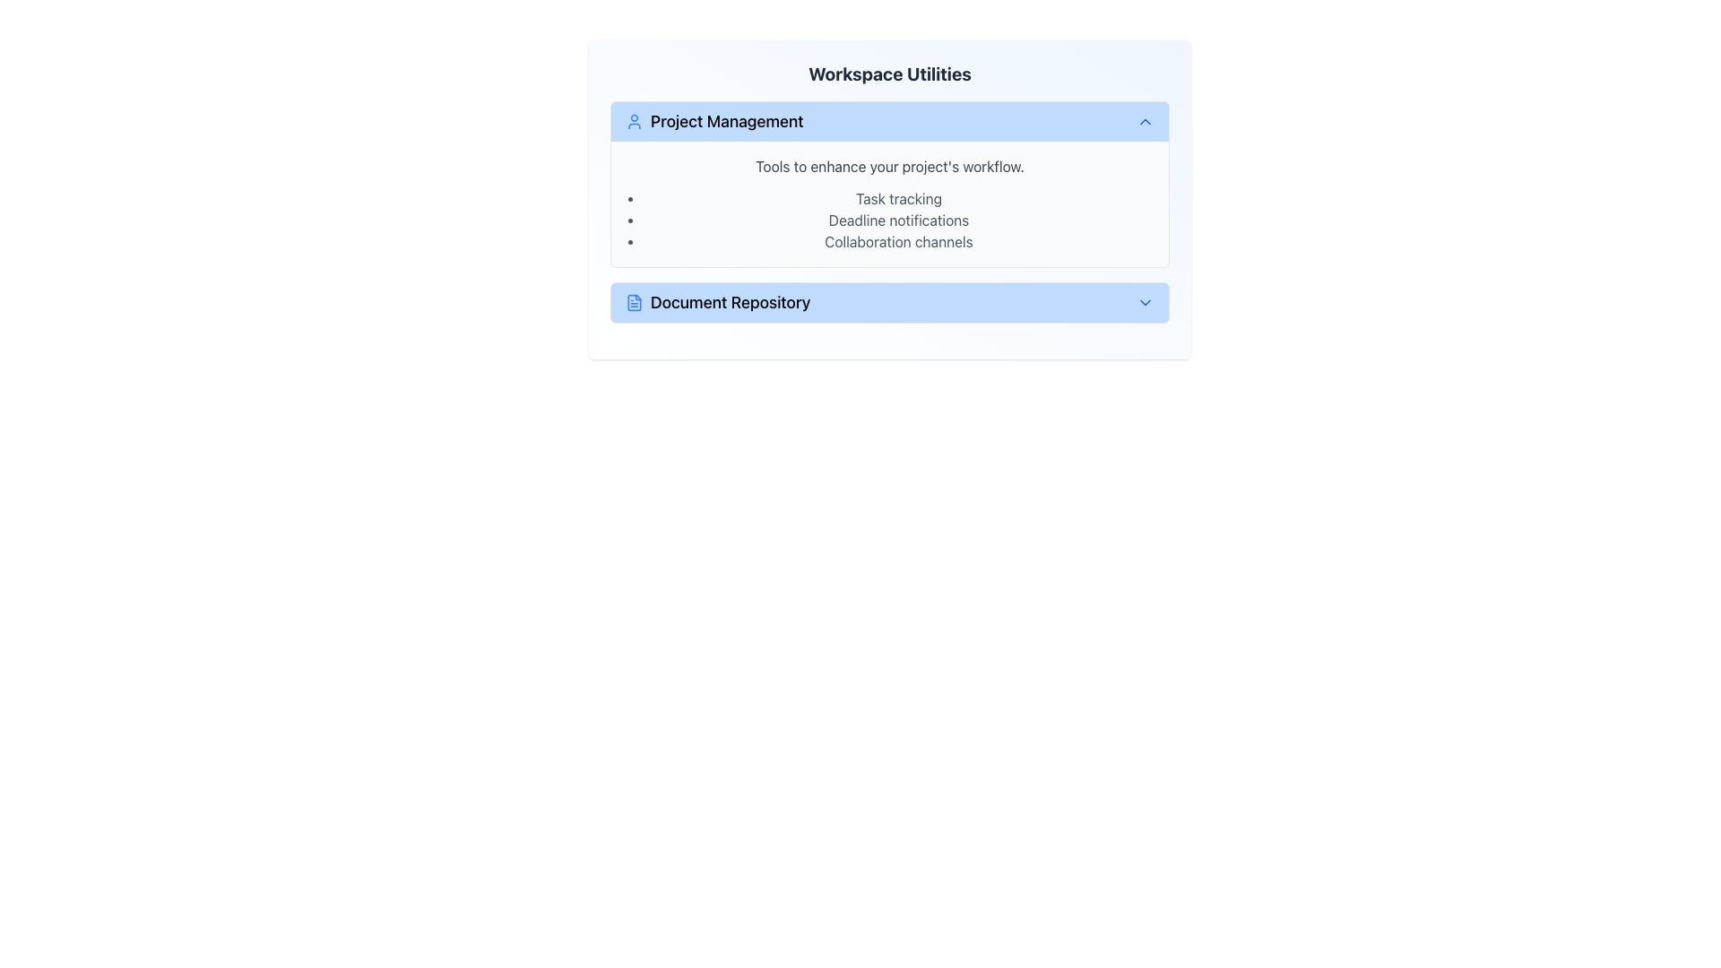 The height and width of the screenshot is (968, 1721). Describe the element at coordinates (635, 302) in the screenshot. I see `the blue document icon located to the left of the text label 'Document Repository' in the bottom section of the 'Workspace Utilities' card` at that location.